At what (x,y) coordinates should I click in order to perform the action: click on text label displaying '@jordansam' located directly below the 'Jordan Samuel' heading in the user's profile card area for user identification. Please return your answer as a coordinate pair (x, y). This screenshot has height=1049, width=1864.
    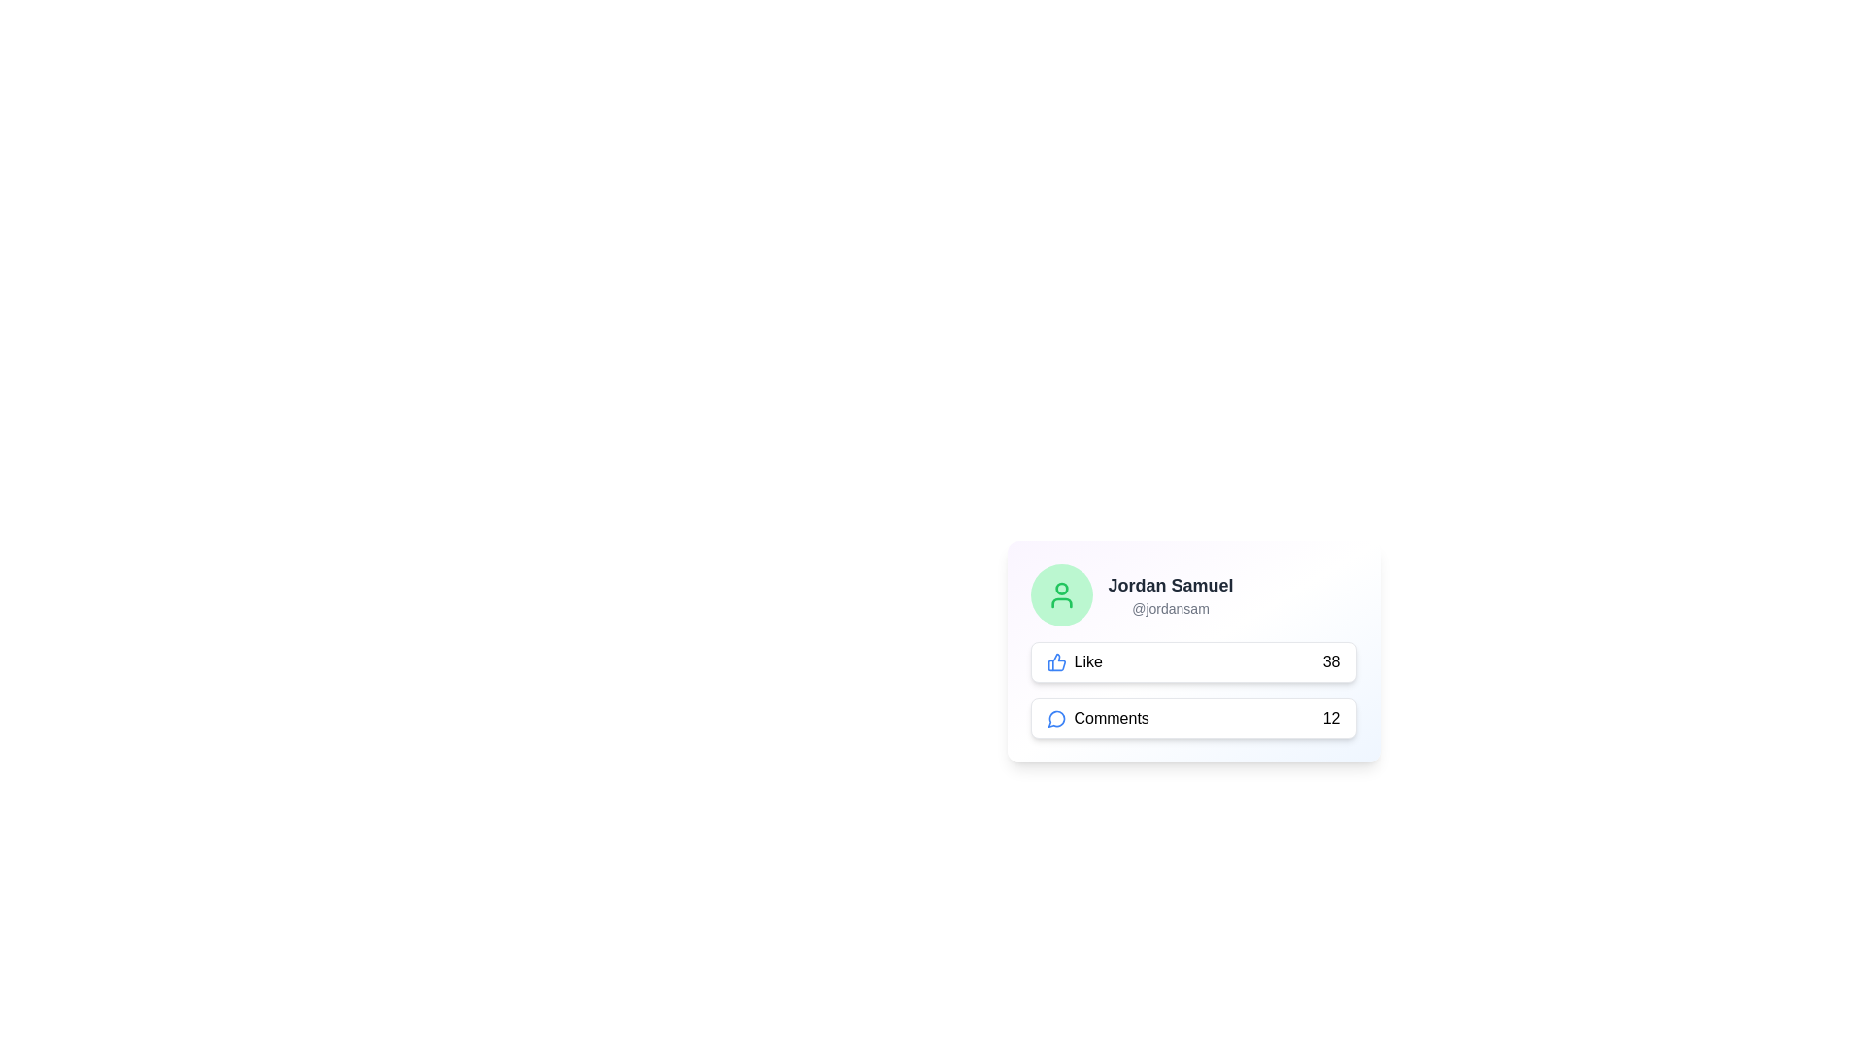
    Looking at the image, I should click on (1169, 608).